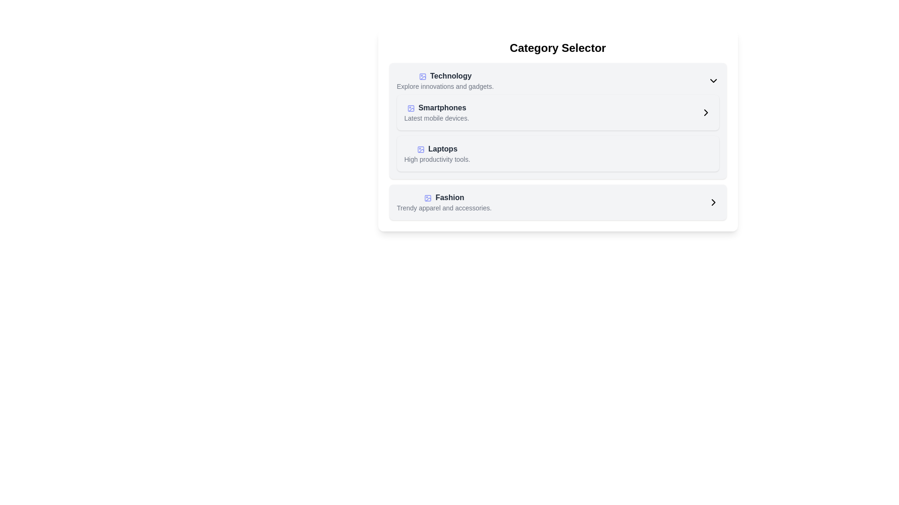 The image size is (899, 505). What do you see at coordinates (713, 80) in the screenshot?
I see `the Dropdown indicator icon, which is a downward arrow styled with a black line, located on the rightmost side of the 'Technology' component` at bounding box center [713, 80].